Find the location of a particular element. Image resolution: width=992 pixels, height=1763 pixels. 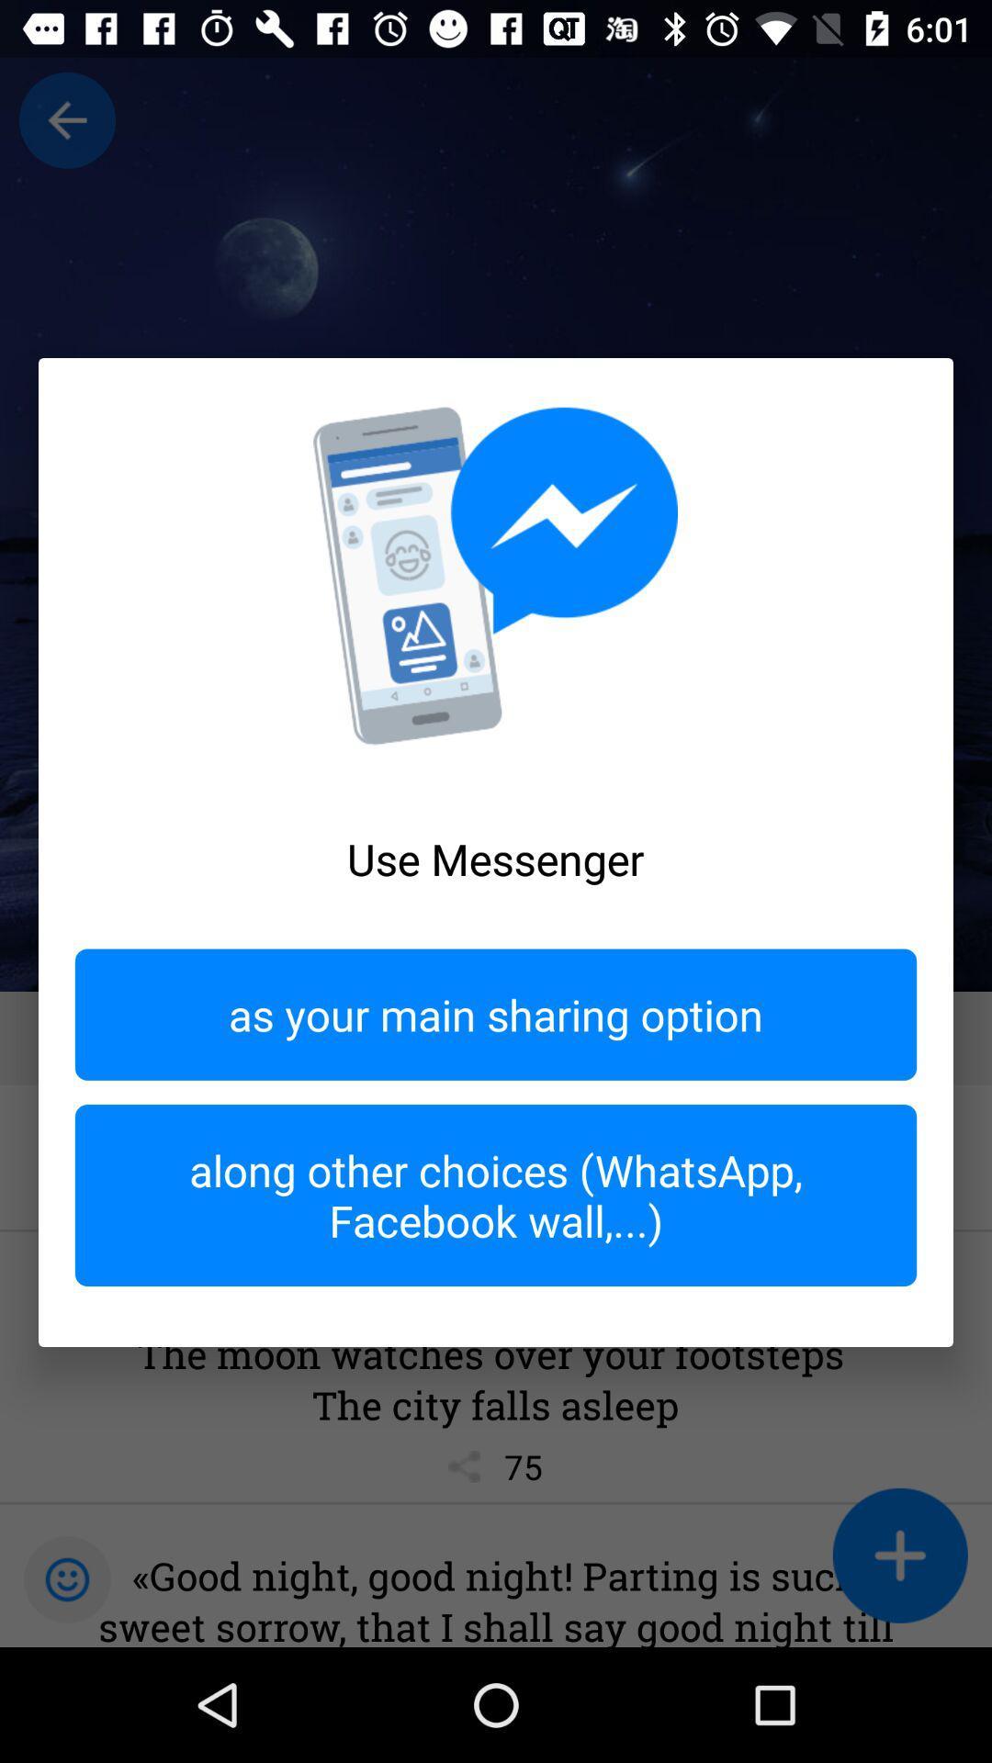

the item above along other choices icon is located at coordinates (496, 1014).